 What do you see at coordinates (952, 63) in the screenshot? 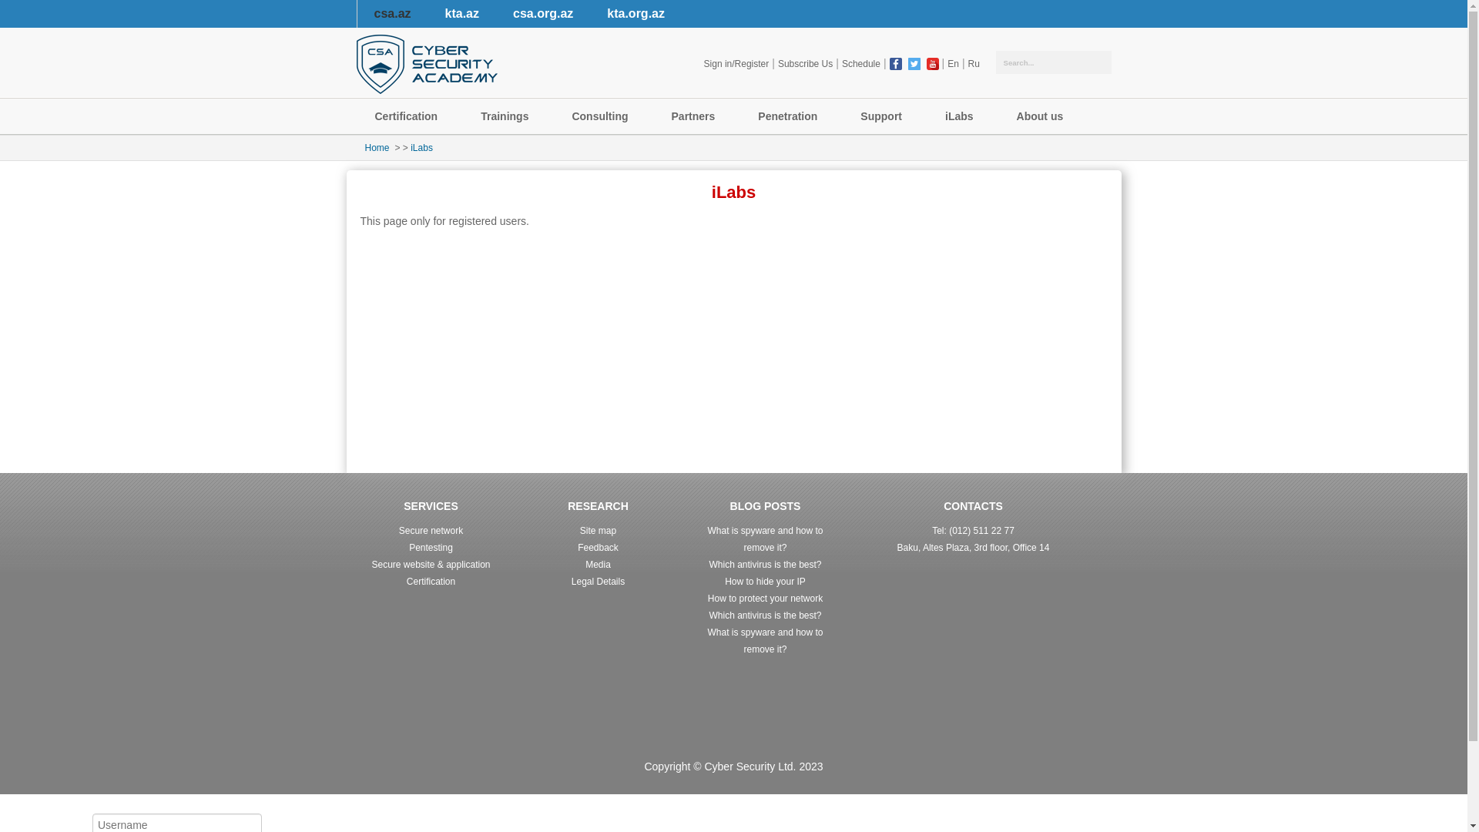
I see `'En'` at bounding box center [952, 63].